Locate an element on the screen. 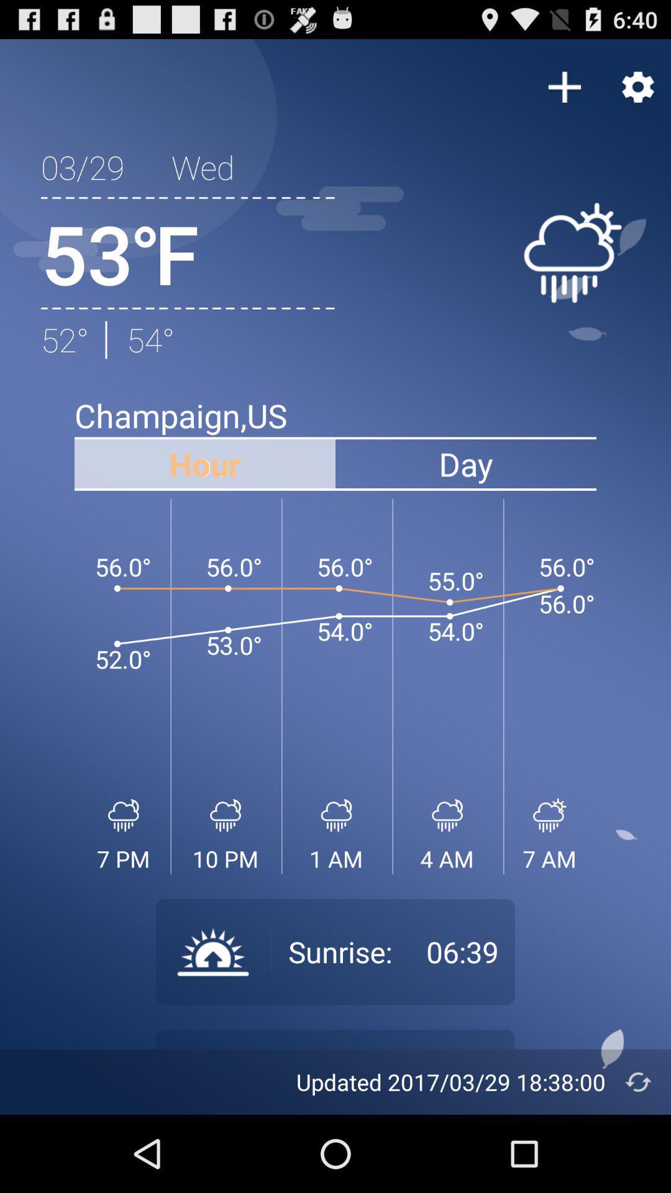 This screenshot has width=671, height=1193. the refresh icon is located at coordinates (638, 1157).